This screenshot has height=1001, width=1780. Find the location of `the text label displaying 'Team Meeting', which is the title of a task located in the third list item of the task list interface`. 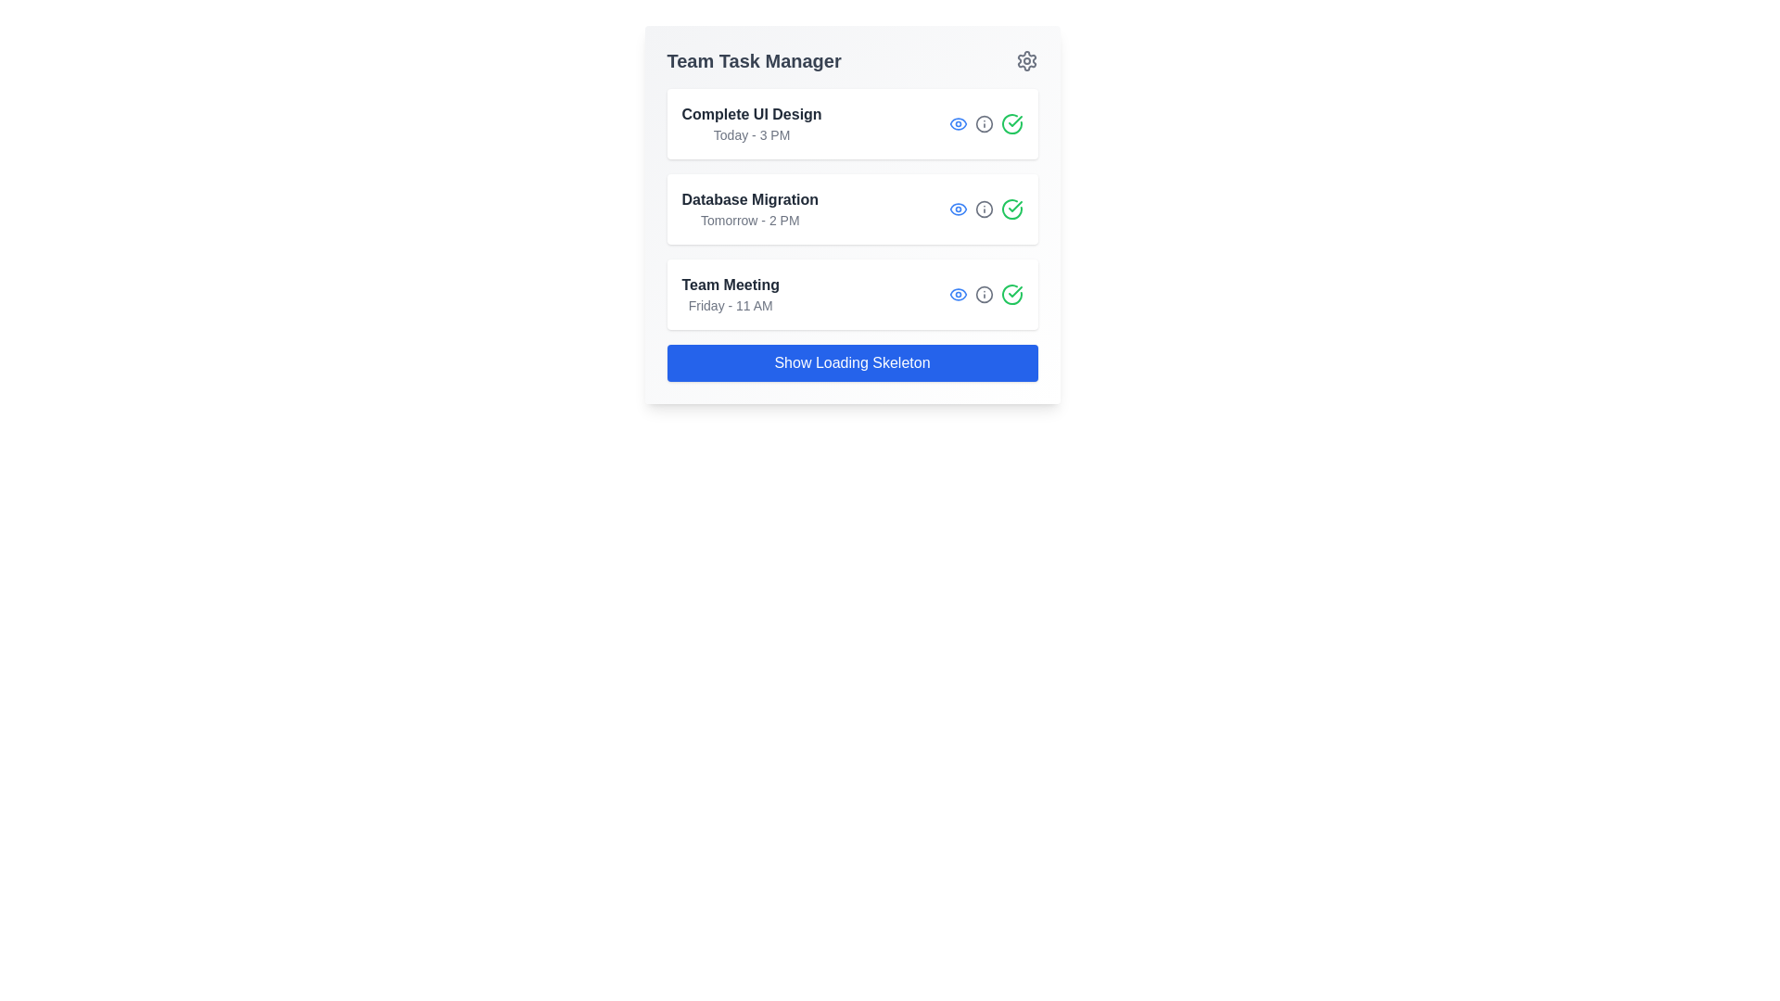

the text label displaying 'Team Meeting', which is the title of a task located in the third list item of the task list interface is located at coordinates (730, 285).